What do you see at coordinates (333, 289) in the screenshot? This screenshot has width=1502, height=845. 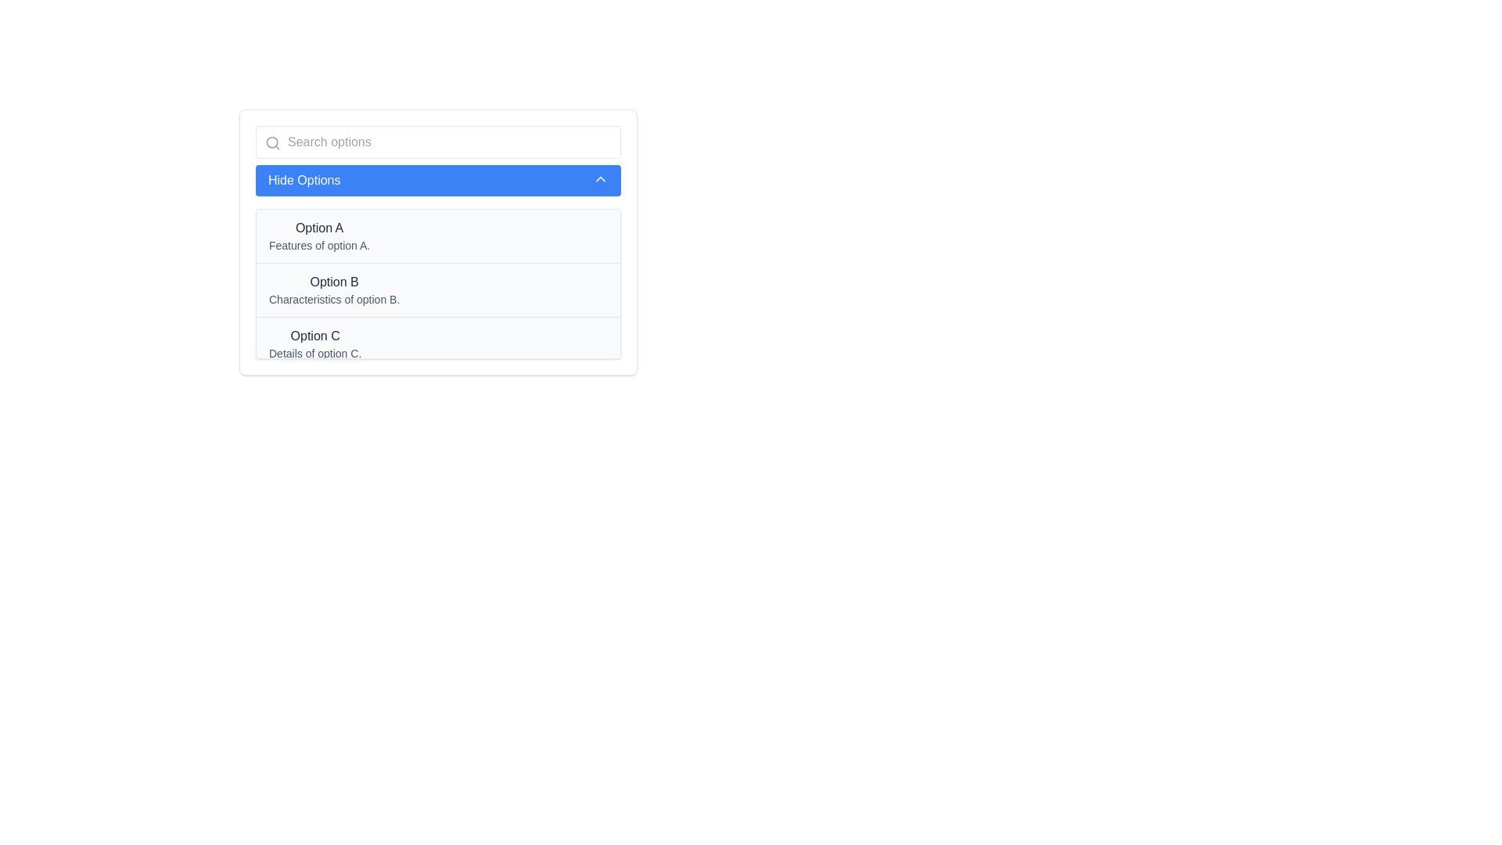 I see `to select 'Option B', which is the second item in the dropdown menu, displaying the title 'Option B' in bold and the description 'Characteristics of option B.'` at bounding box center [333, 289].